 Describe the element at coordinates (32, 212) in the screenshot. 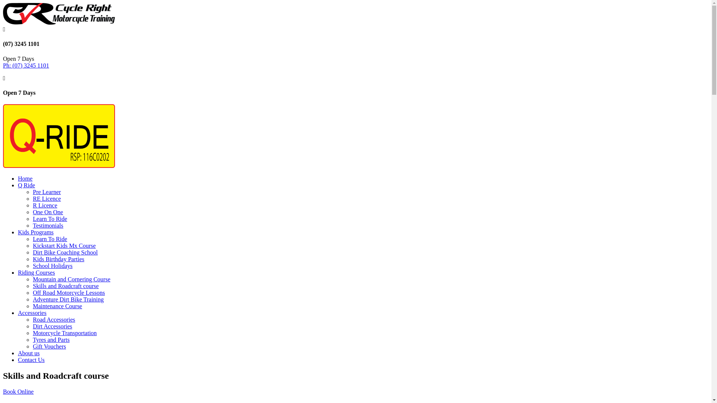

I see `'One On One'` at that location.